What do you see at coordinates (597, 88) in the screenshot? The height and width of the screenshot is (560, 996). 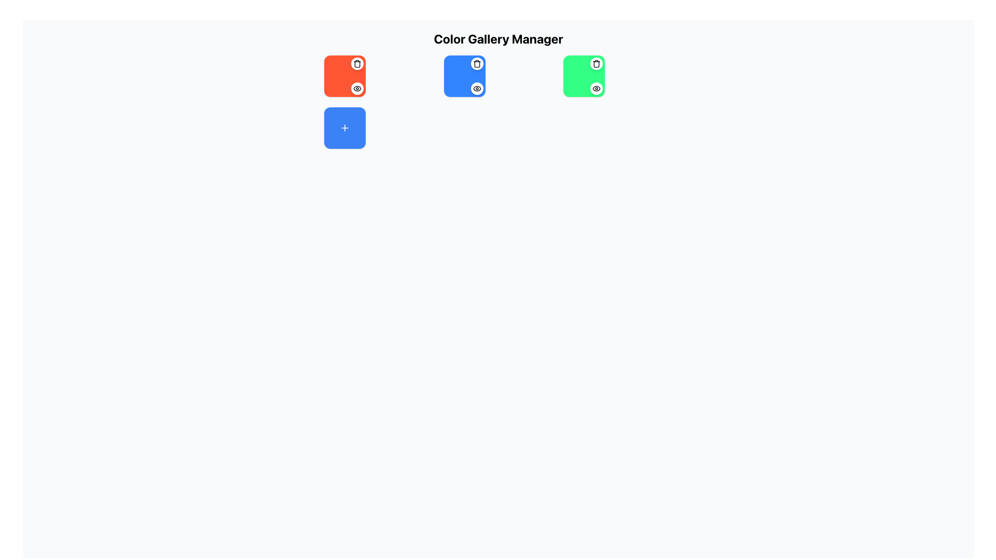 I see `the small circular button with a black outlined eye icon located in the bottom-right corner of the green box to invoke the view function` at bounding box center [597, 88].